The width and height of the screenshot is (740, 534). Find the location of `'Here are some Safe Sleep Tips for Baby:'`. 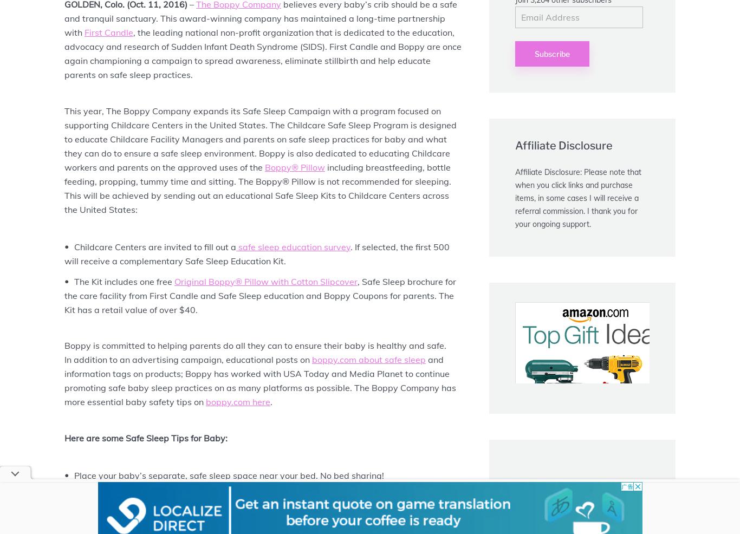

'Here are some Safe Sleep Tips for Baby:' is located at coordinates (147, 438).